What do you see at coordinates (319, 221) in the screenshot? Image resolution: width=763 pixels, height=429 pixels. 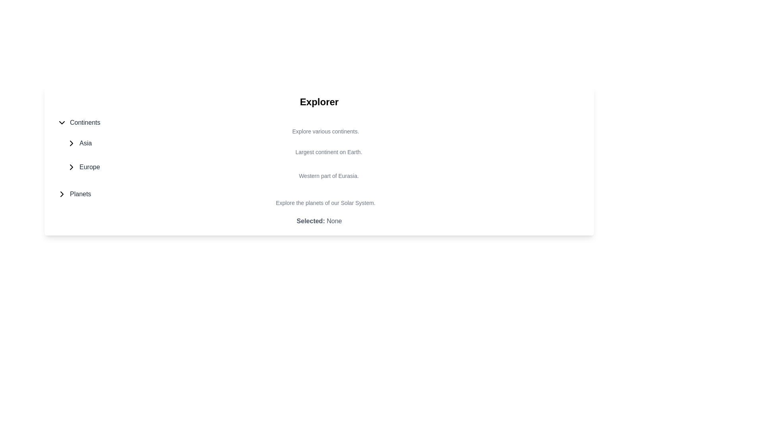 I see `the text label displaying 'Selected: None', which is prominently located at the bottom of the white card with rounded edges` at bounding box center [319, 221].